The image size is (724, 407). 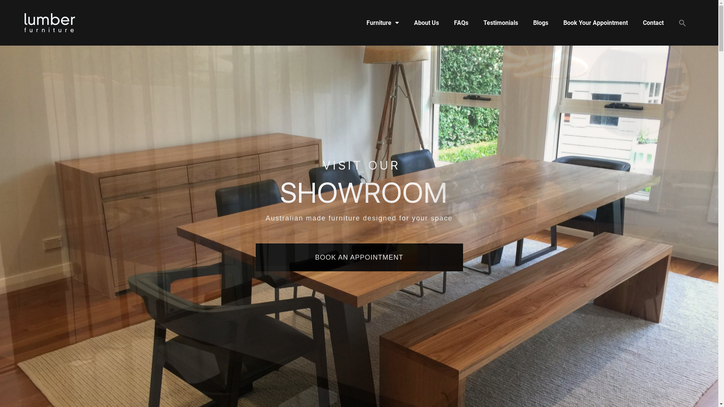 I want to click on 'Testimonials', so click(x=501, y=23).